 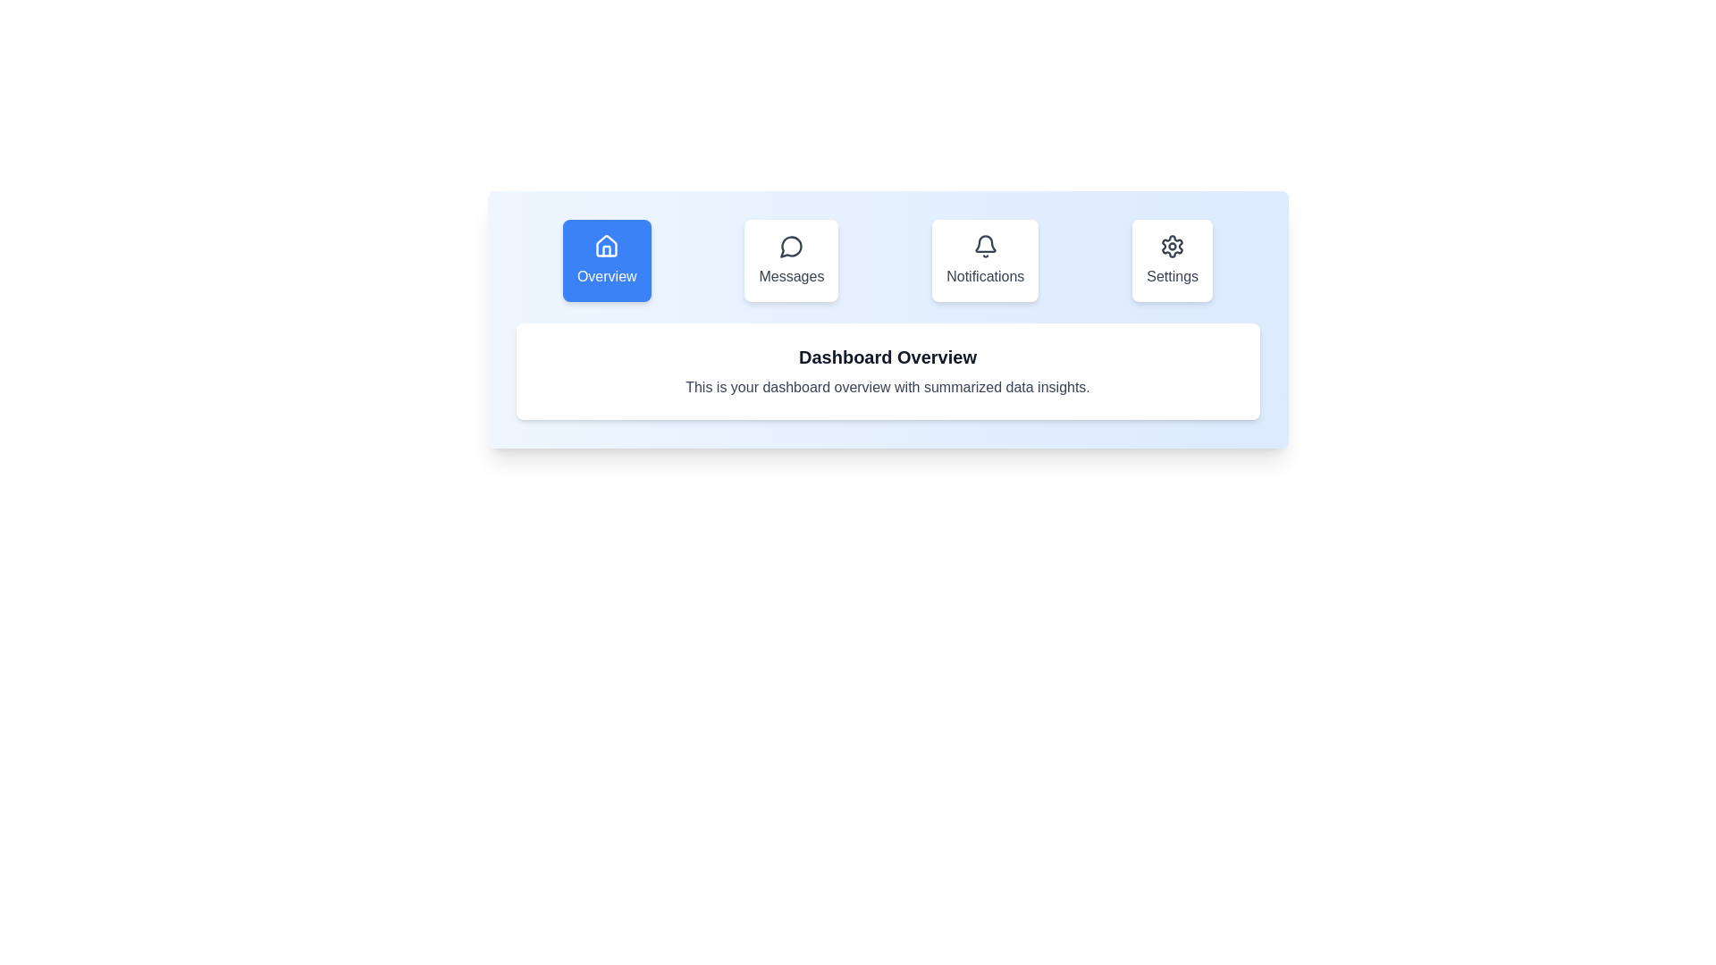 What do you see at coordinates (887, 387) in the screenshot?
I see `the static text element that reads 'This is your dashboard overview with summarized data insights.', which is located directly beneath the title 'Dashboard Overview'` at bounding box center [887, 387].